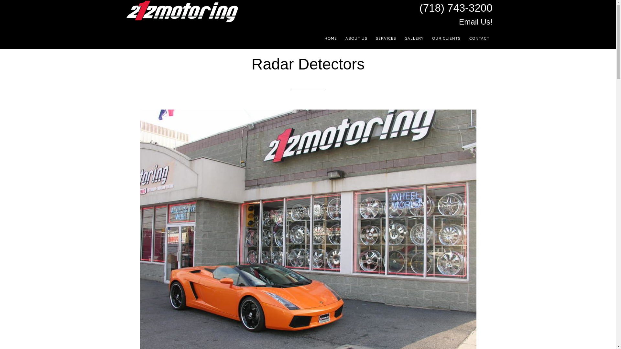 This screenshot has width=621, height=349. I want to click on '(718) 743-3200', so click(456, 8).